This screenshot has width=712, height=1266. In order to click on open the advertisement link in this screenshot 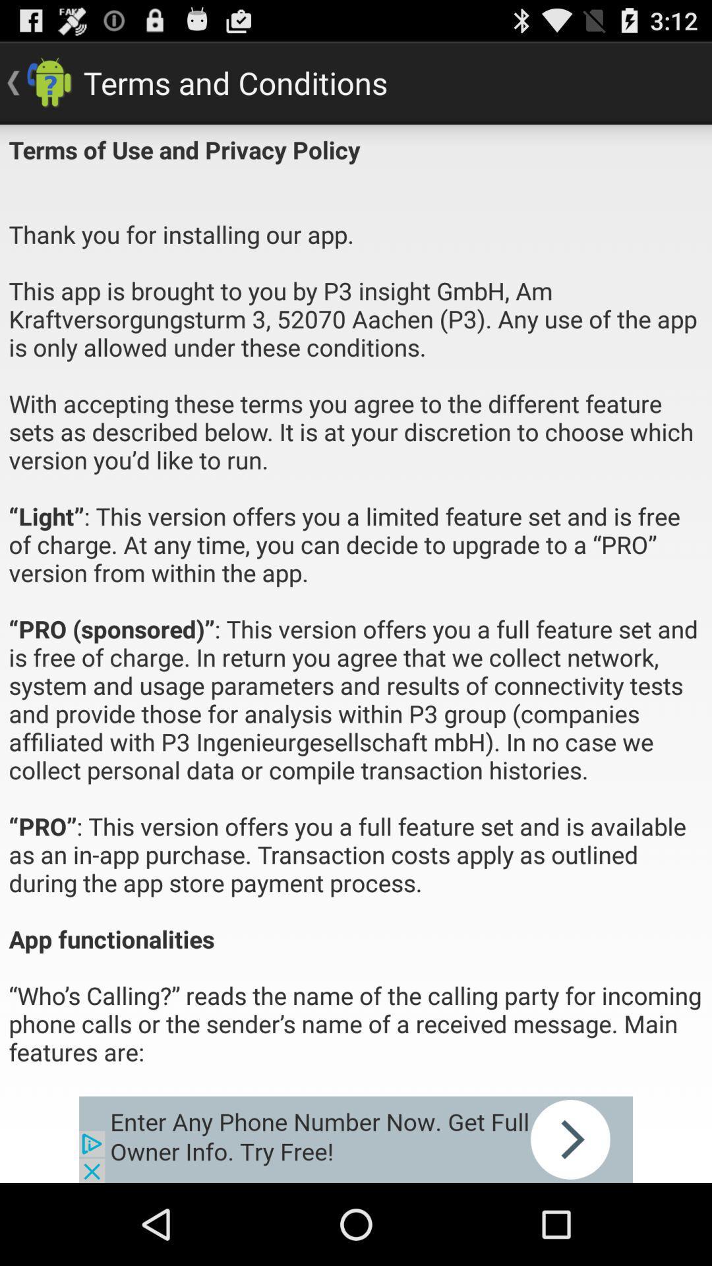, I will do `click(356, 1139)`.